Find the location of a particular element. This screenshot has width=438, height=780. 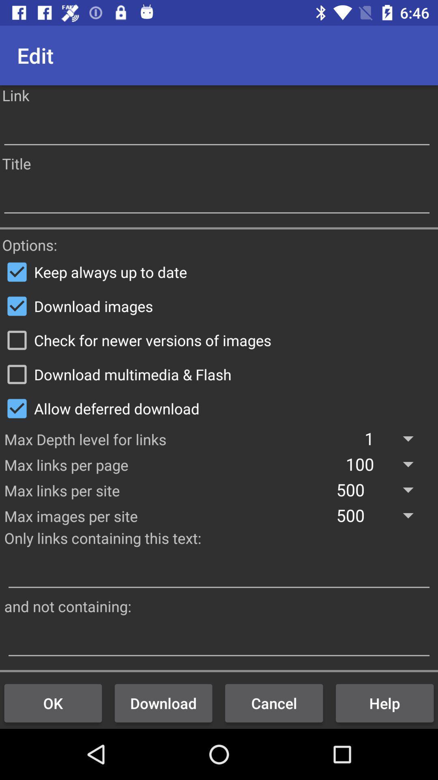

the keep always up checkbox is located at coordinates (219, 272).